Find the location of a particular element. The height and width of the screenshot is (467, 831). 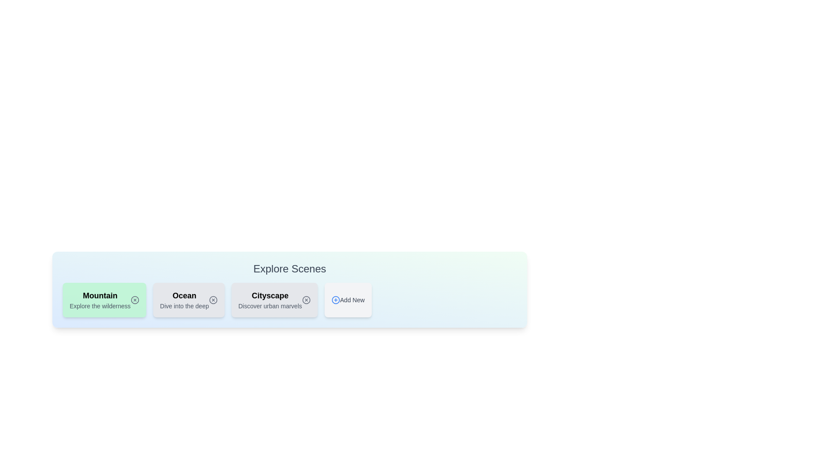

the 'Add New' button to open the panel for adding a new scene is located at coordinates (348, 300).